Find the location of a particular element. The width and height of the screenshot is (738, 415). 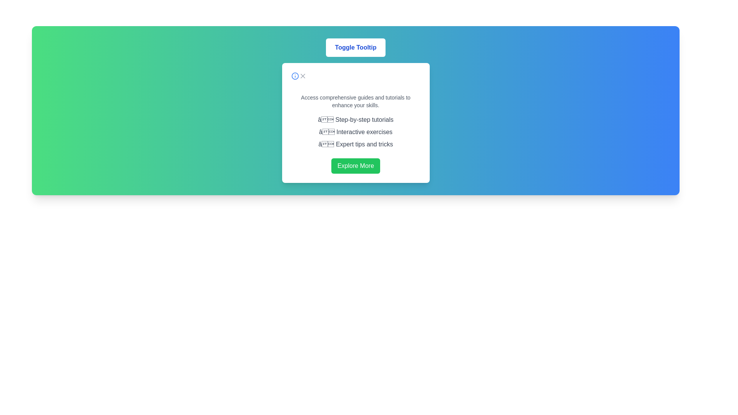

the small gray 'X' button located at the top-right corner of the white card interface to observe a color change is located at coordinates (302, 76).